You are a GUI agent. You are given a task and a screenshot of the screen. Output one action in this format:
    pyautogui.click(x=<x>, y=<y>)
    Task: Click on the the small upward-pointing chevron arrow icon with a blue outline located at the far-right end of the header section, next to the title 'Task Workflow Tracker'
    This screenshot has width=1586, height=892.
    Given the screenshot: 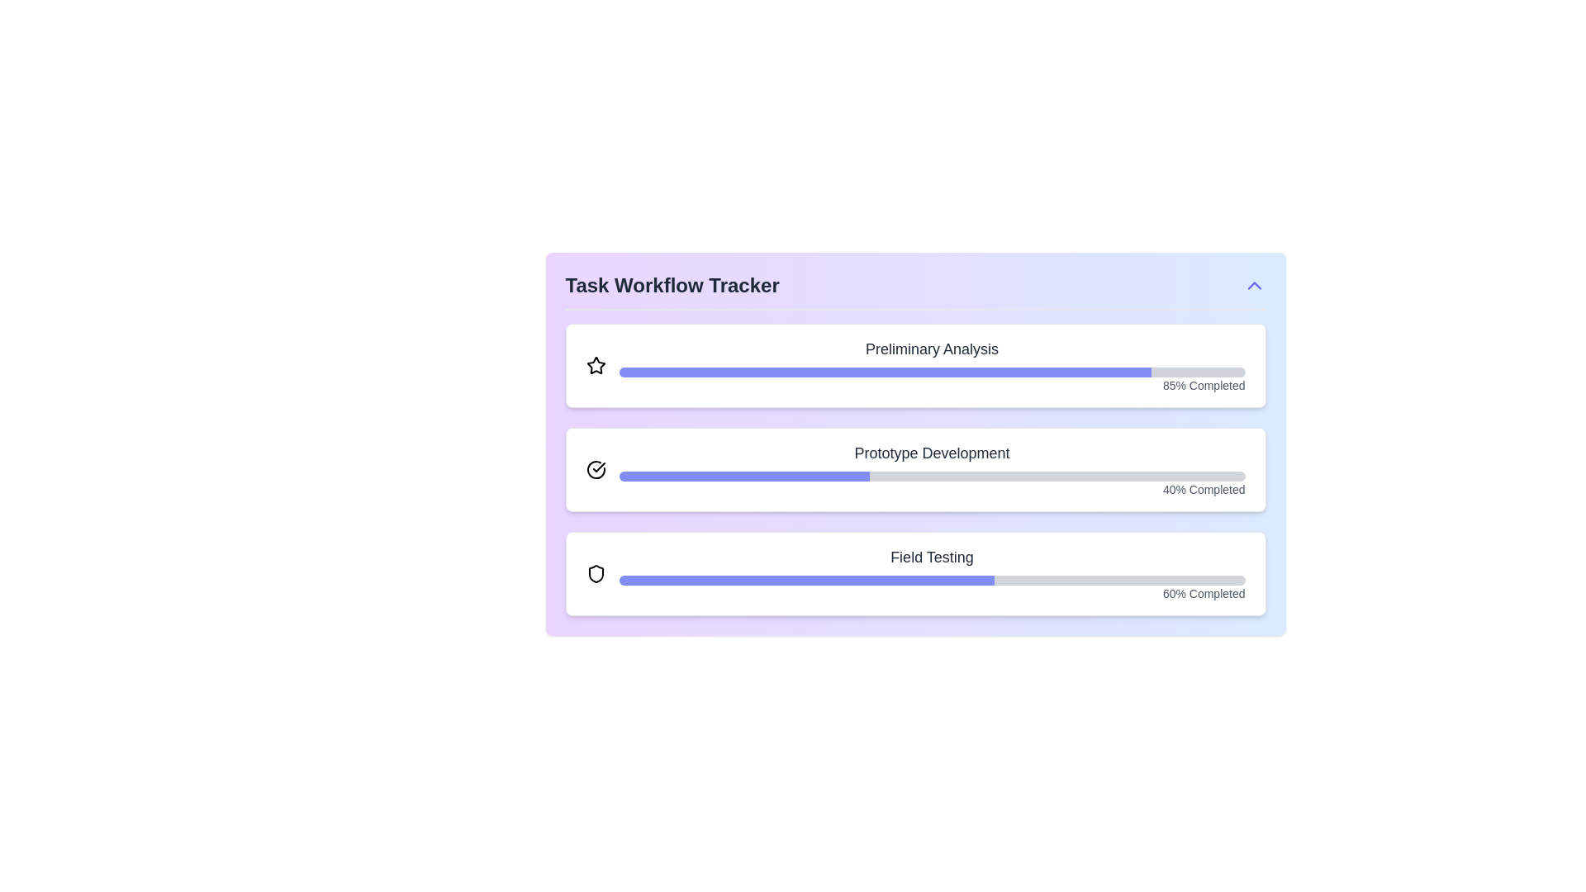 What is the action you would take?
    pyautogui.click(x=1254, y=285)
    